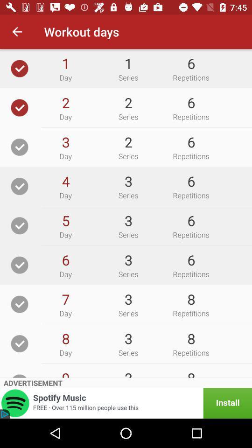 The height and width of the screenshot is (448, 252). I want to click on check off workout day 2, so click(20, 107).